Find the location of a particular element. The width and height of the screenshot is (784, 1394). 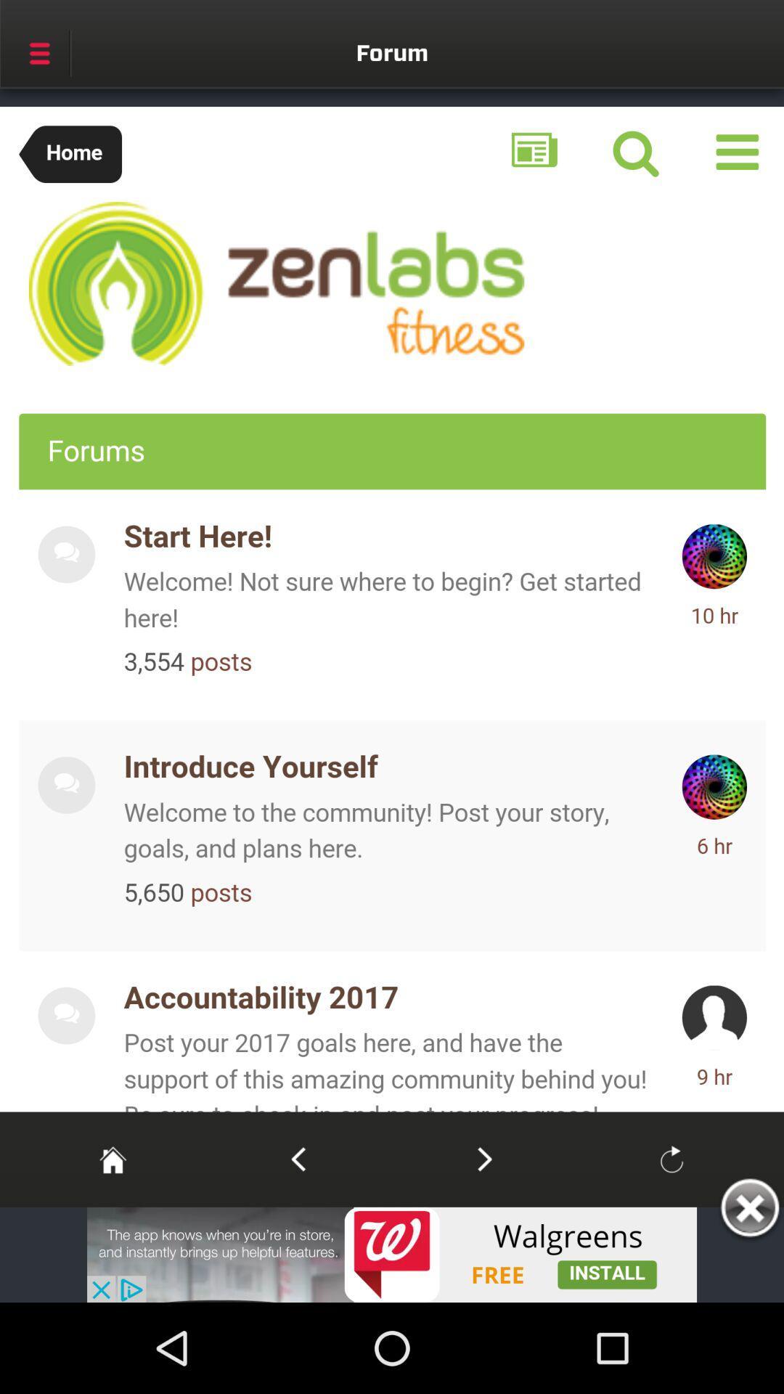

reload is located at coordinates (671, 1158).